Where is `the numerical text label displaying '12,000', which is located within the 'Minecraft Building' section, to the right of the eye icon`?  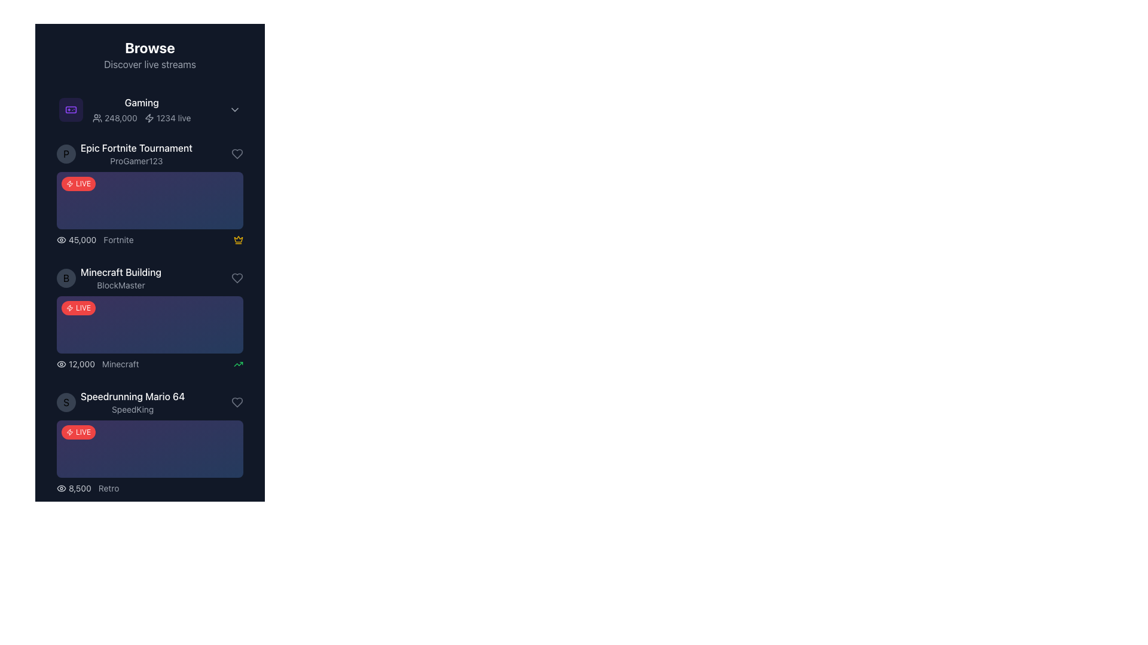 the numerical text label displaying '12,000', which is located within the 'Minecraft Building' section, to the right of the eye icon is located at coordinates (75, 363).